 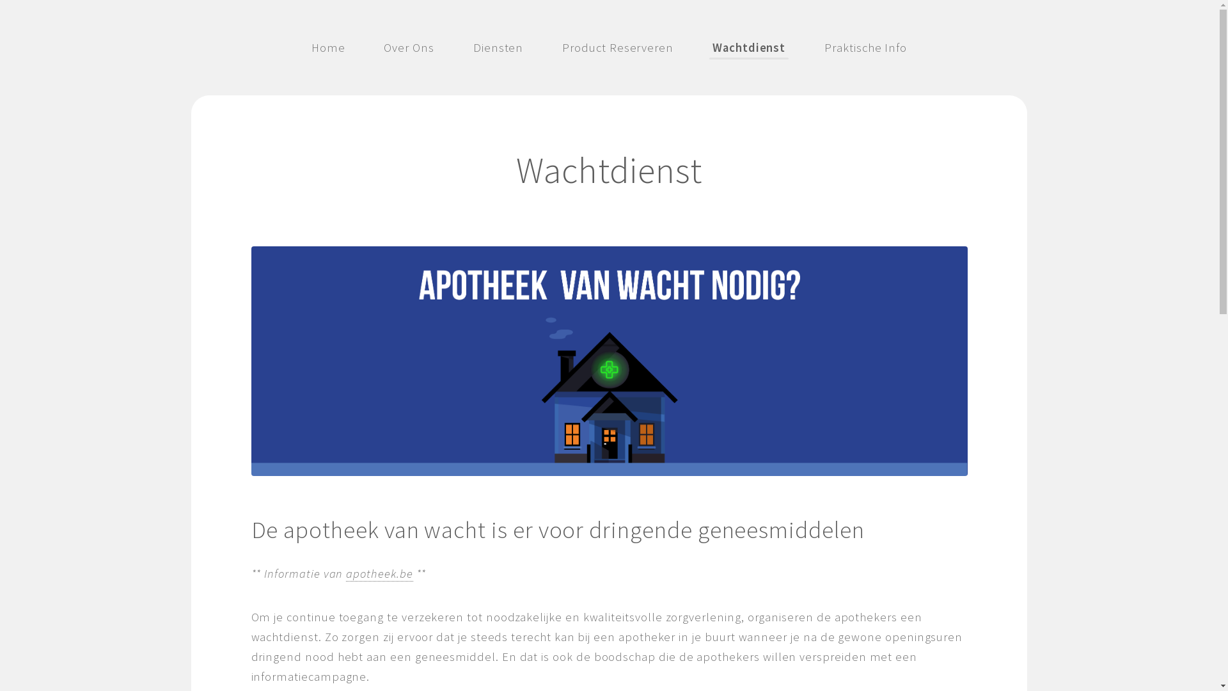 I want to click on 'Over Ons', so click(x=407, y=46).